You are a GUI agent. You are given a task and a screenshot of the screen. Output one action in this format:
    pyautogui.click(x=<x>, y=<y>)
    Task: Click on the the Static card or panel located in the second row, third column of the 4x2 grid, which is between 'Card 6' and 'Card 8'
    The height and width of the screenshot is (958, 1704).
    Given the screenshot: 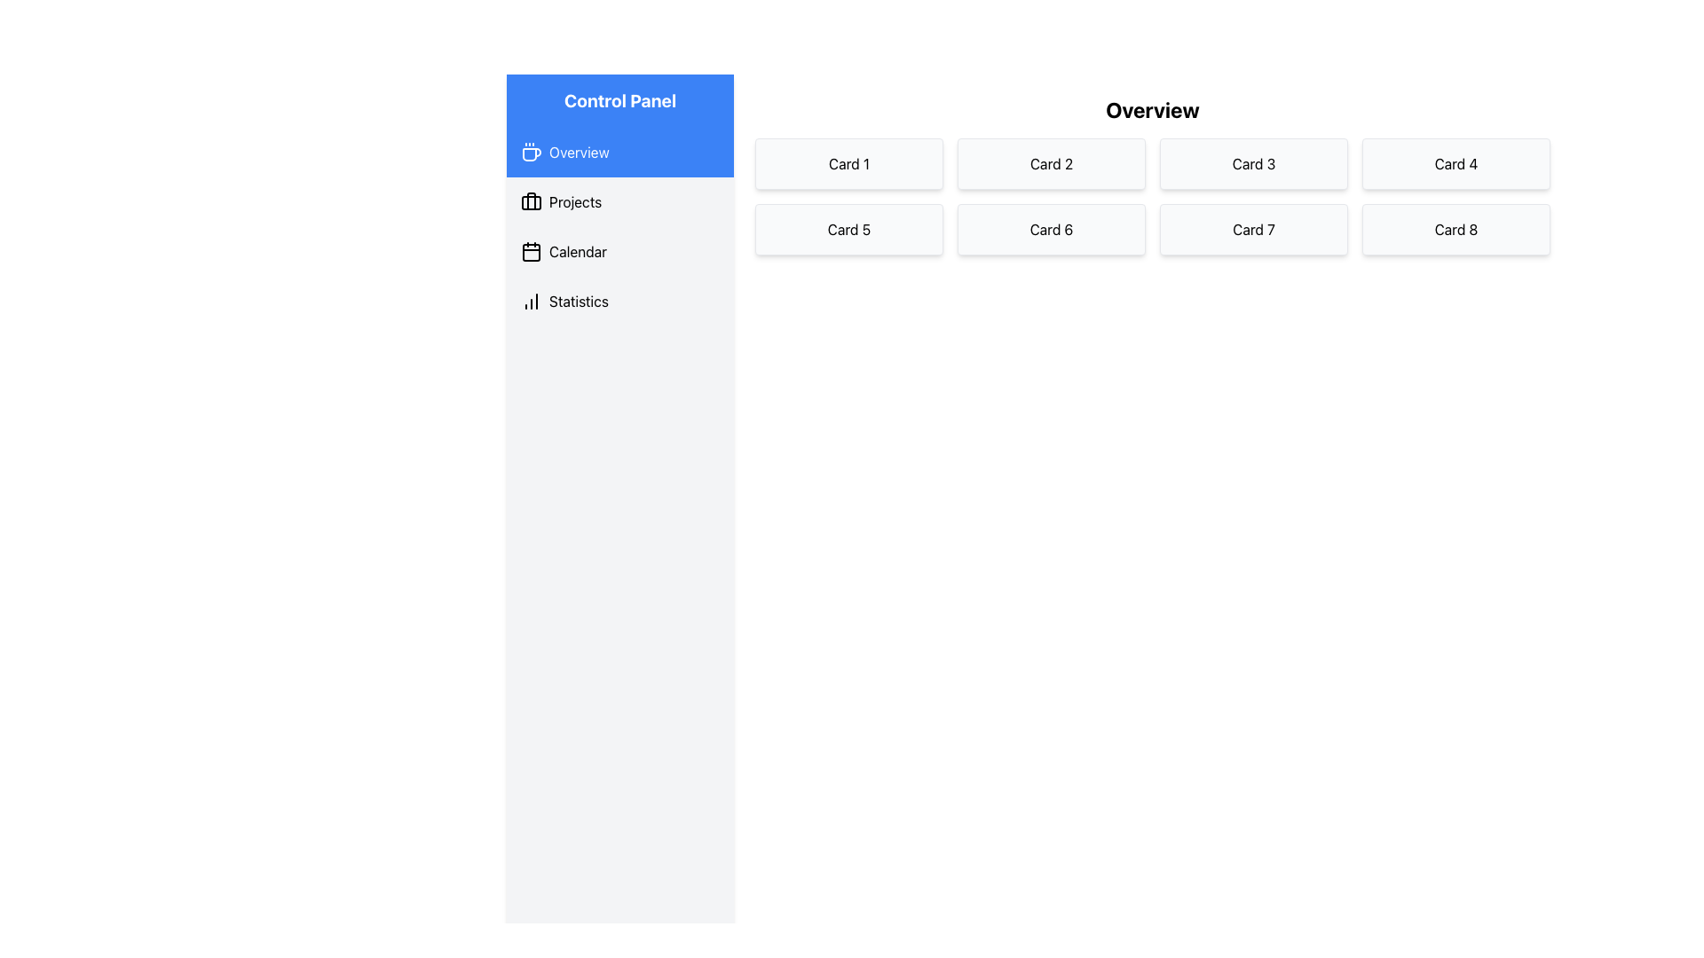 What is the action you would take?
    pyautogui.click(x=1252, y=228)
    